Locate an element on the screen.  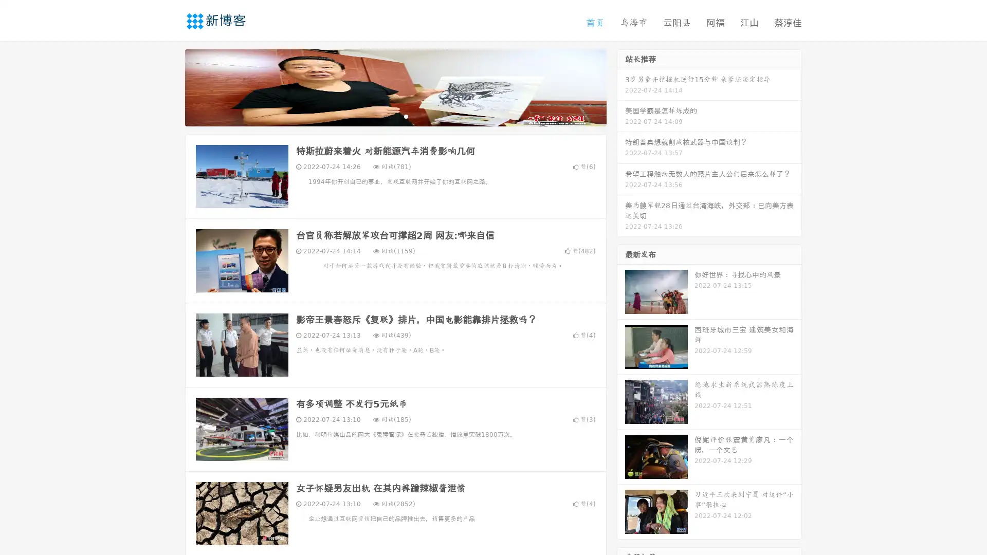
Previous slide is located at coordinates (170, 86).